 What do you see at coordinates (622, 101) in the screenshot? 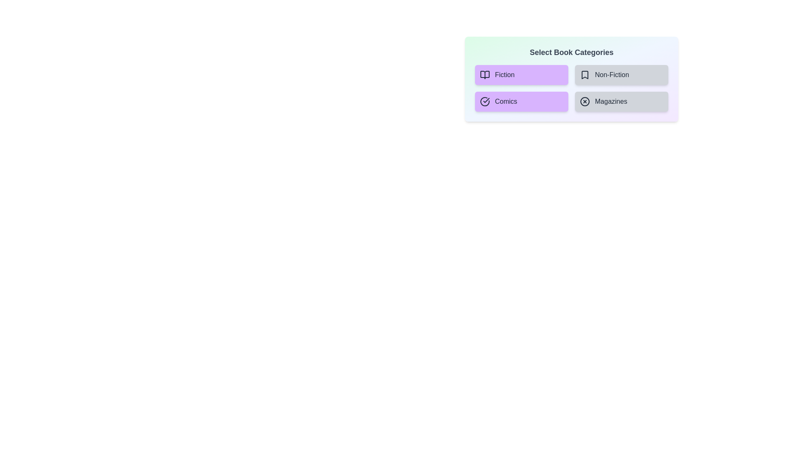
I see `the category Magazines` at bounding box center [622, 101].